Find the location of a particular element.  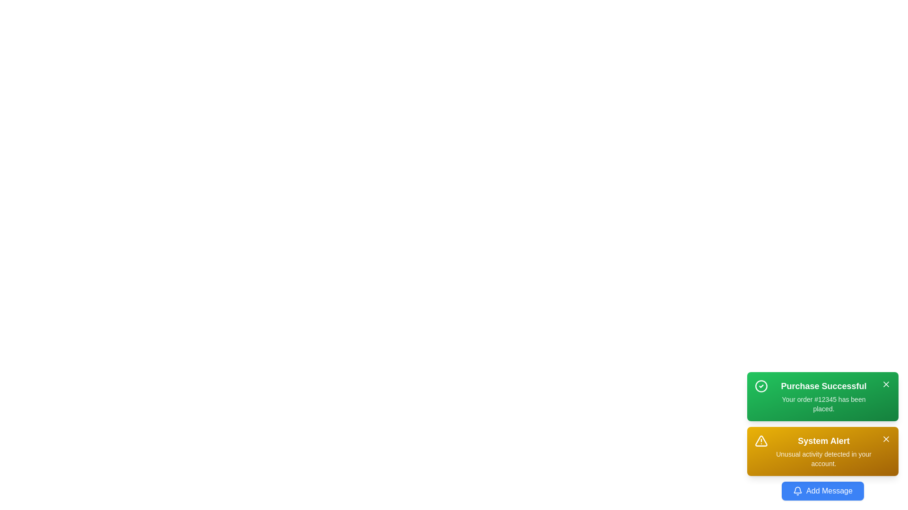

the message with title System Alert is located at coordinates (822, 451).